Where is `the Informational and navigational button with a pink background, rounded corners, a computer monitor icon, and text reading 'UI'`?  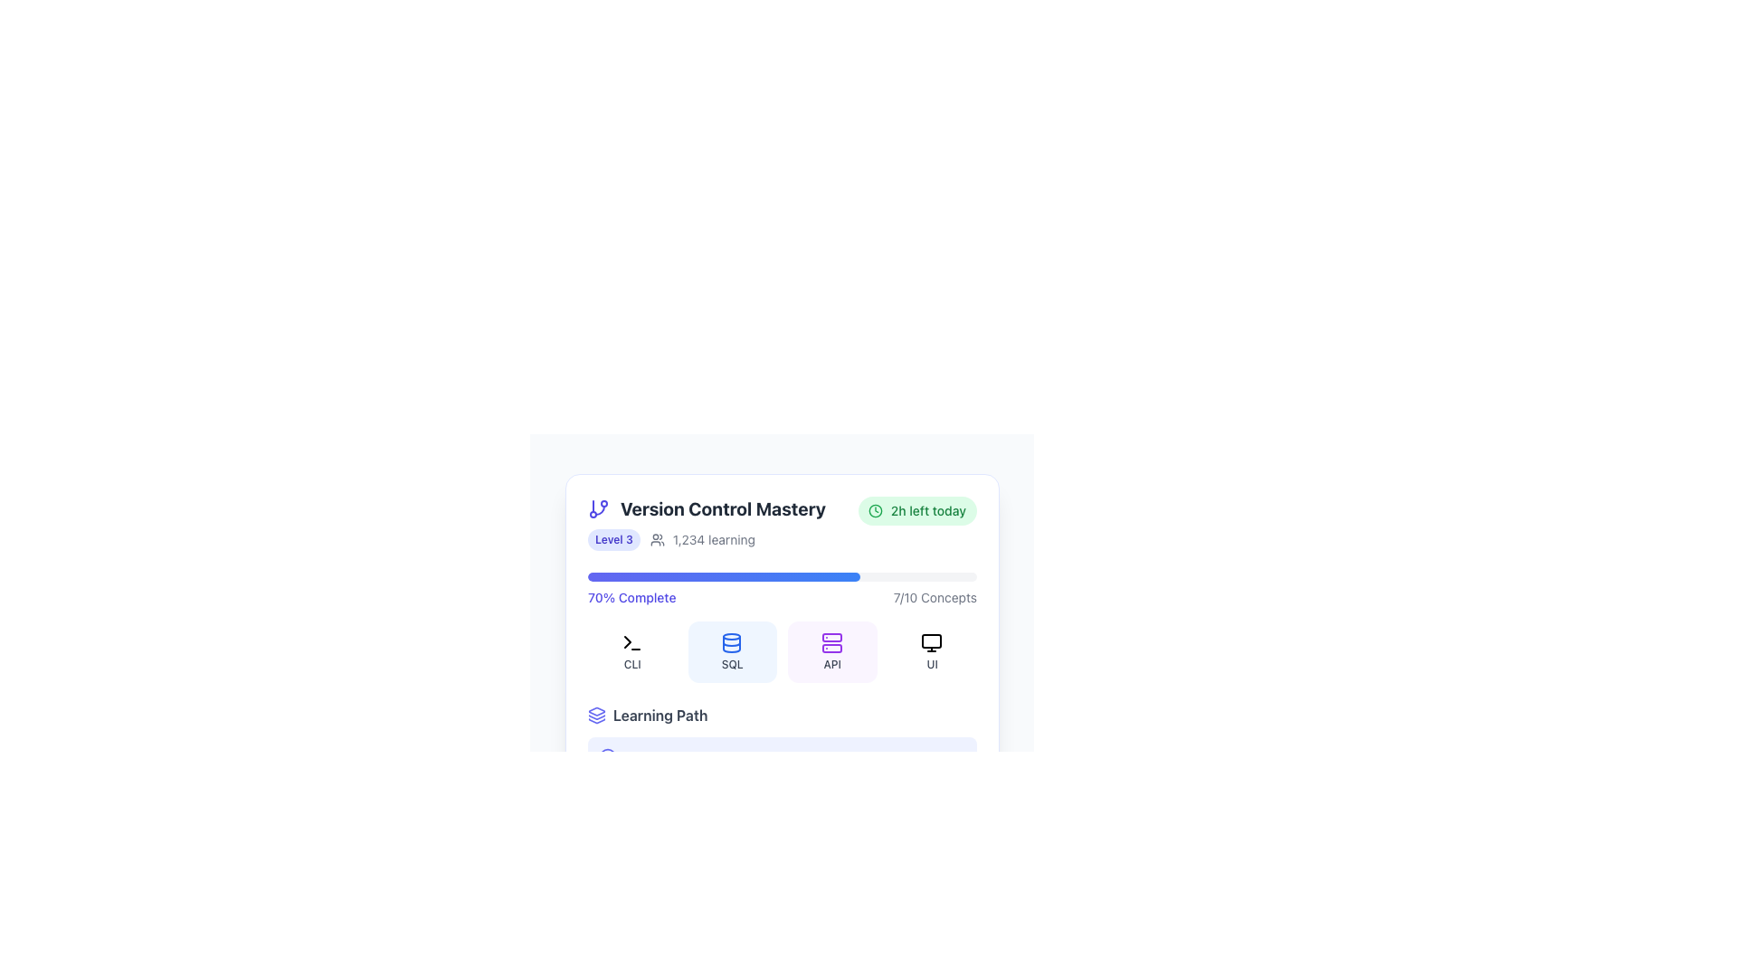 the Informational and navigational button with a pink background, rounded corners, a computer monitor icon, and text reading 'UI' is located at coordinates (932, 652).